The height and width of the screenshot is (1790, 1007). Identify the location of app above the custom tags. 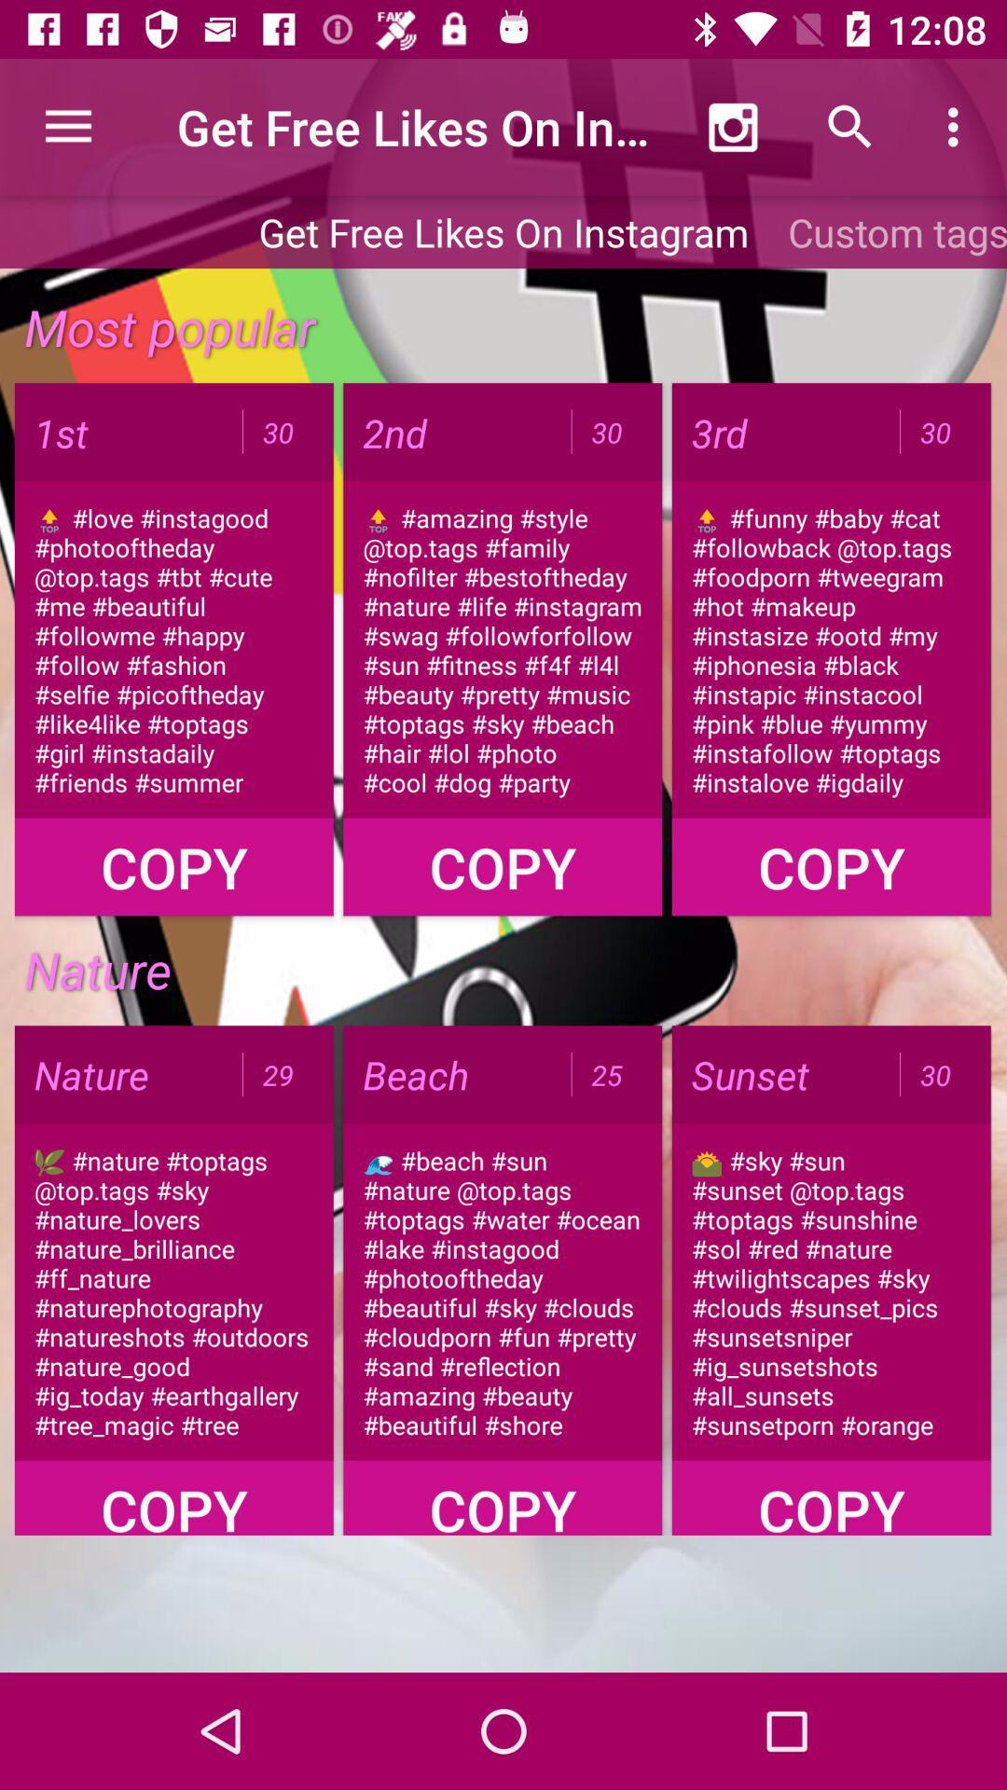
(958, 126).